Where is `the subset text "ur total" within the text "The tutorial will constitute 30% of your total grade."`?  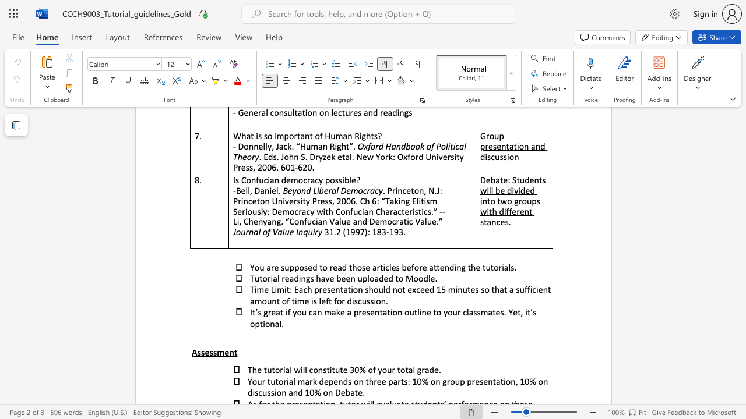 the subset text "ur total" within the text "The tutorial will constitute 30% of your total grade." is located at coordinates (387, 370).